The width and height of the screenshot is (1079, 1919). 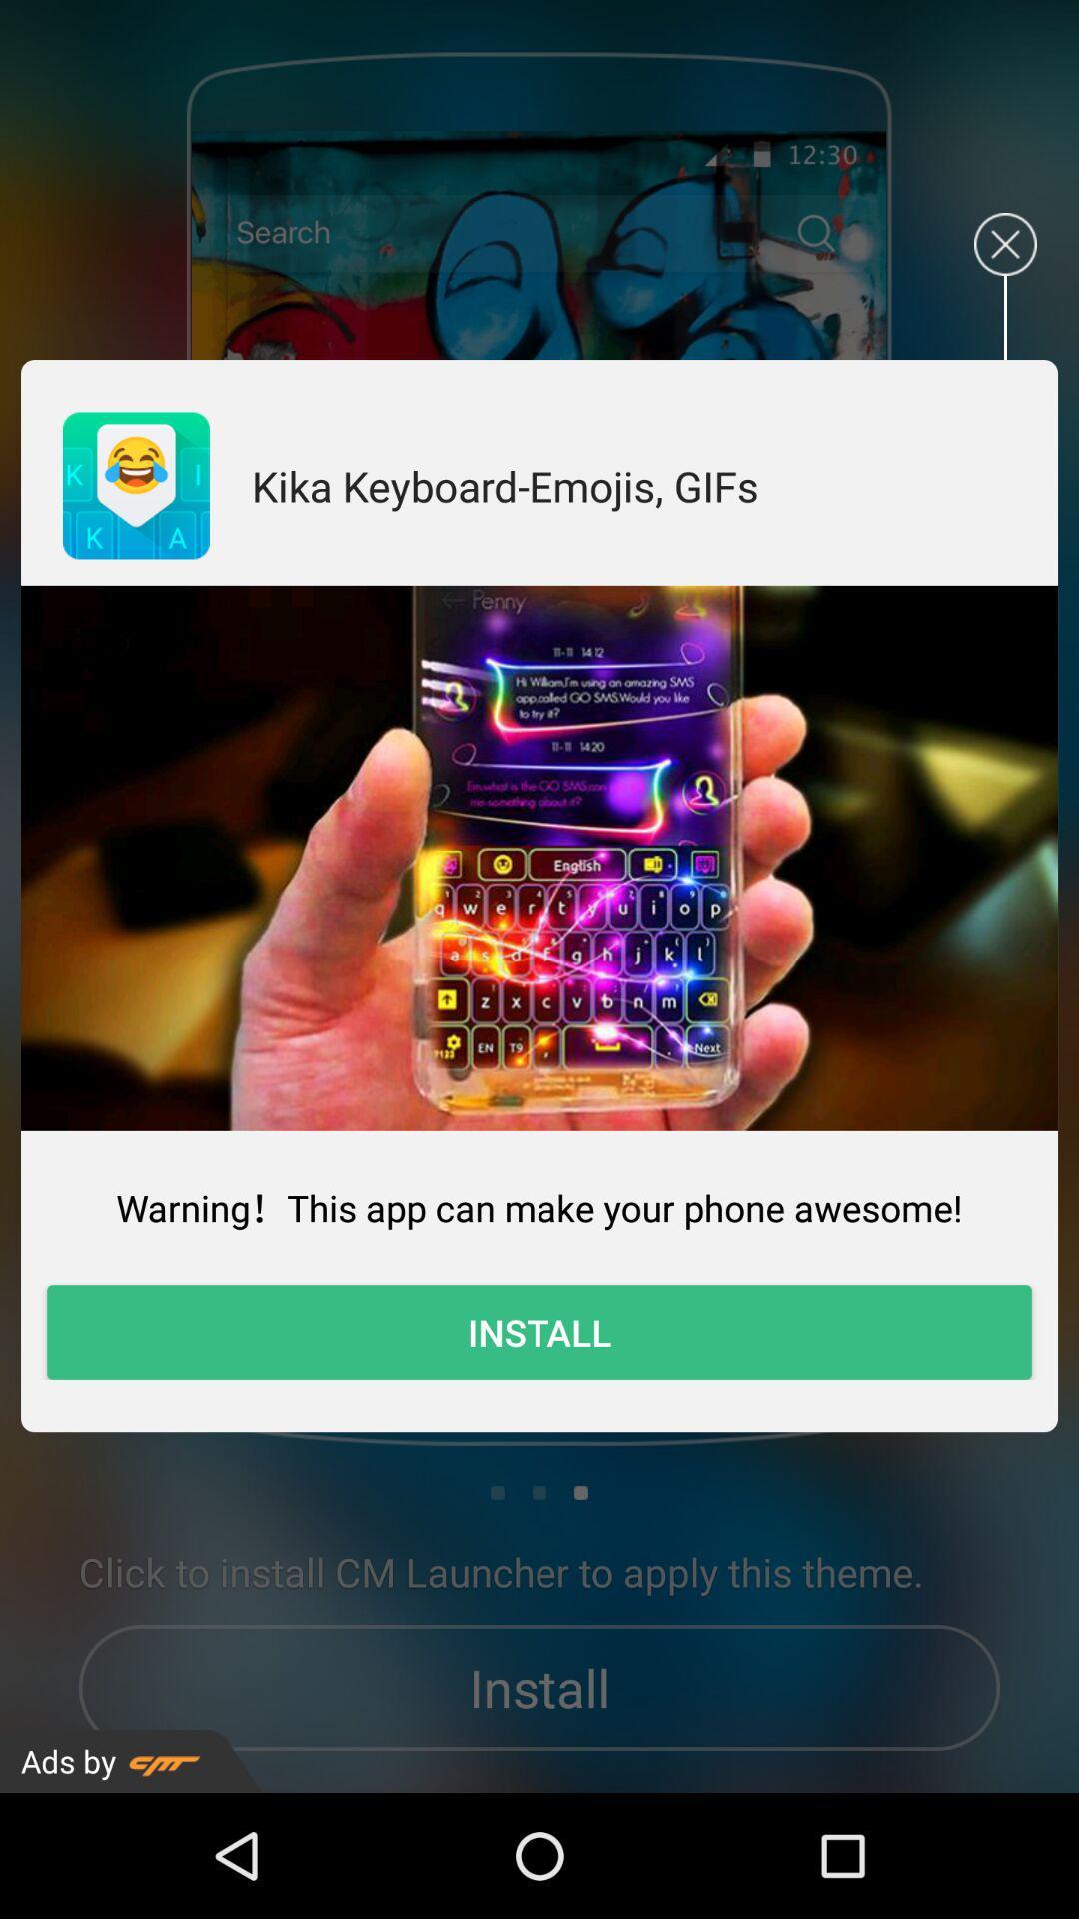 What do you see at coordinates (539, 1207) in the screenshot?
I see `item above the install icon` at bounding box center [539, 1207].